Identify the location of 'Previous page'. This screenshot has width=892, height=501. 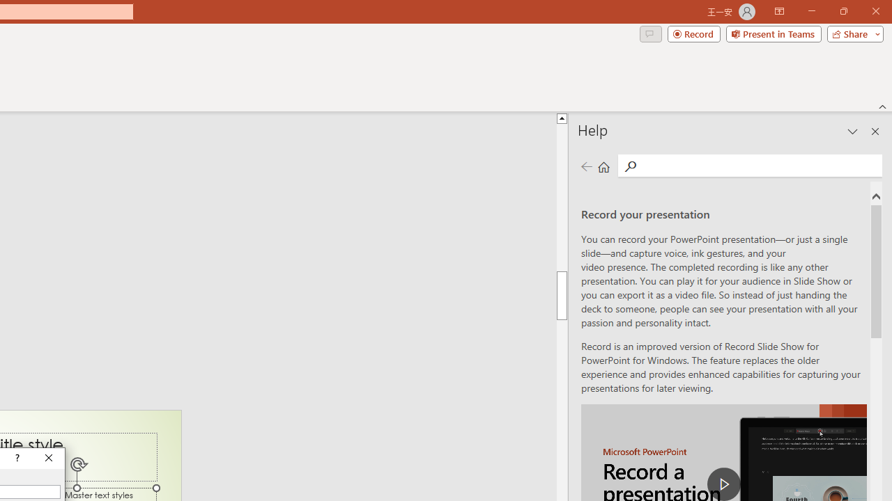
(586, 166).